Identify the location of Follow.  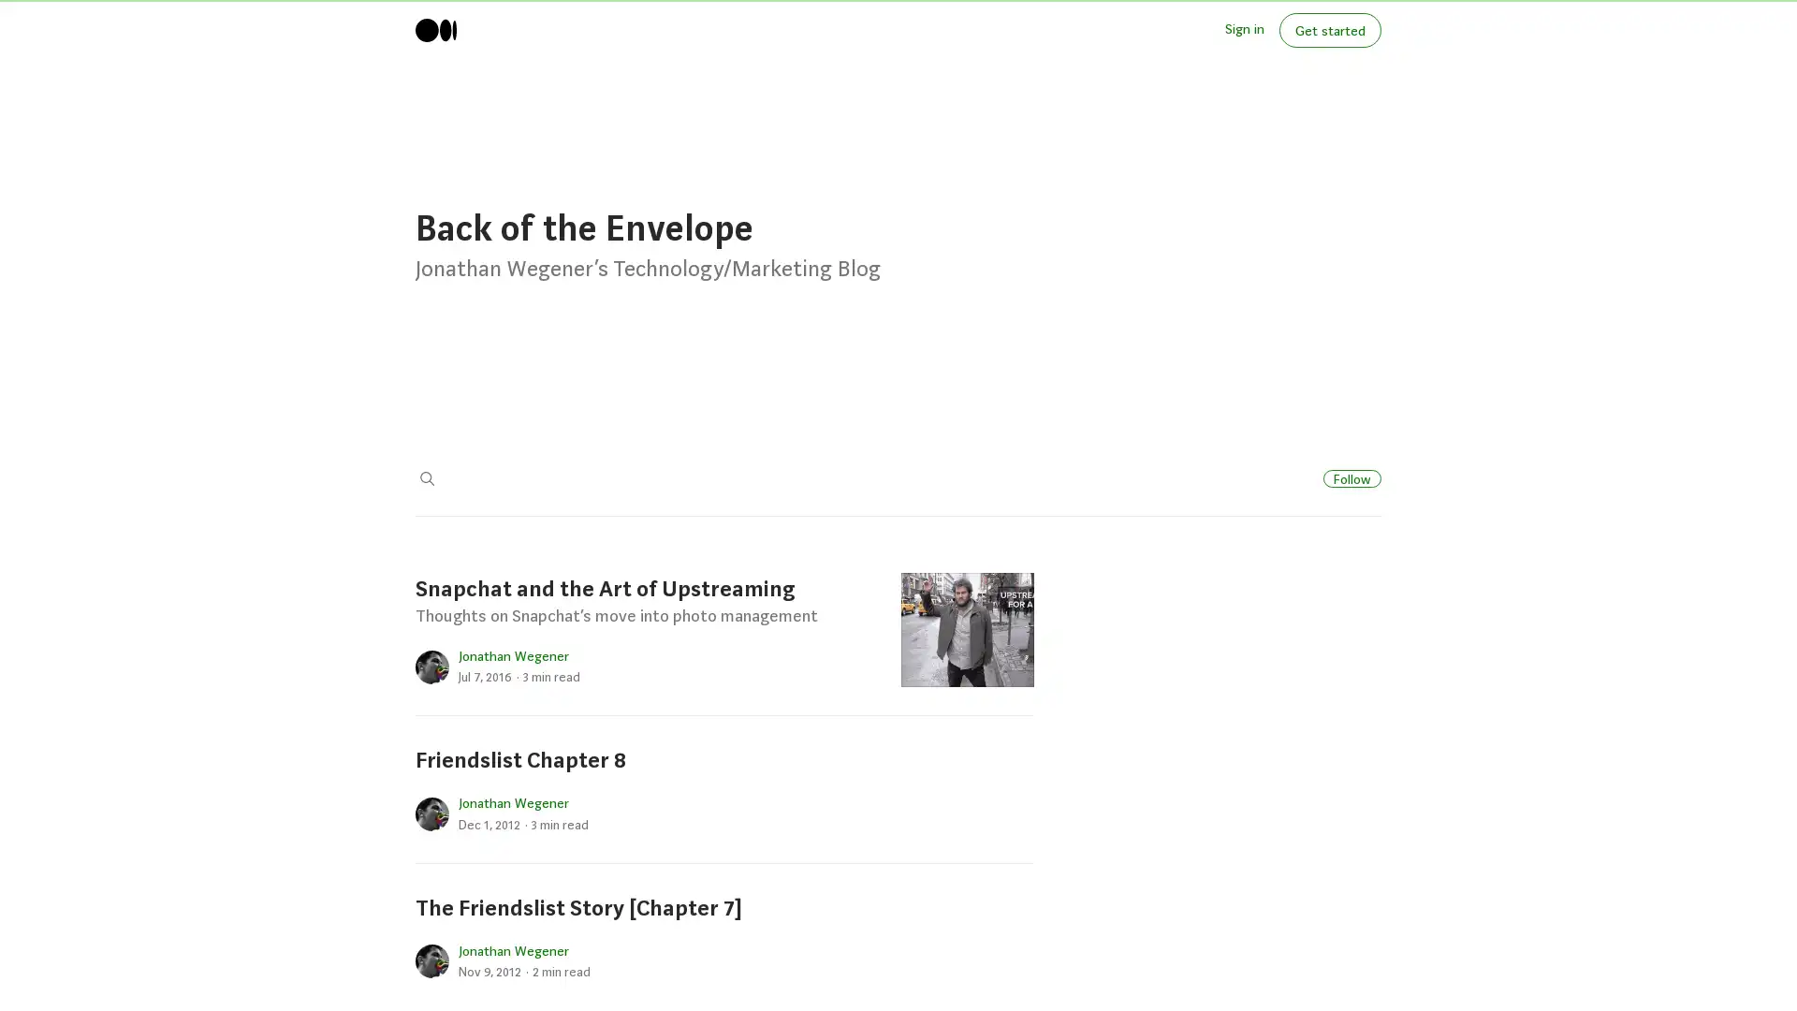
(1351, 476).